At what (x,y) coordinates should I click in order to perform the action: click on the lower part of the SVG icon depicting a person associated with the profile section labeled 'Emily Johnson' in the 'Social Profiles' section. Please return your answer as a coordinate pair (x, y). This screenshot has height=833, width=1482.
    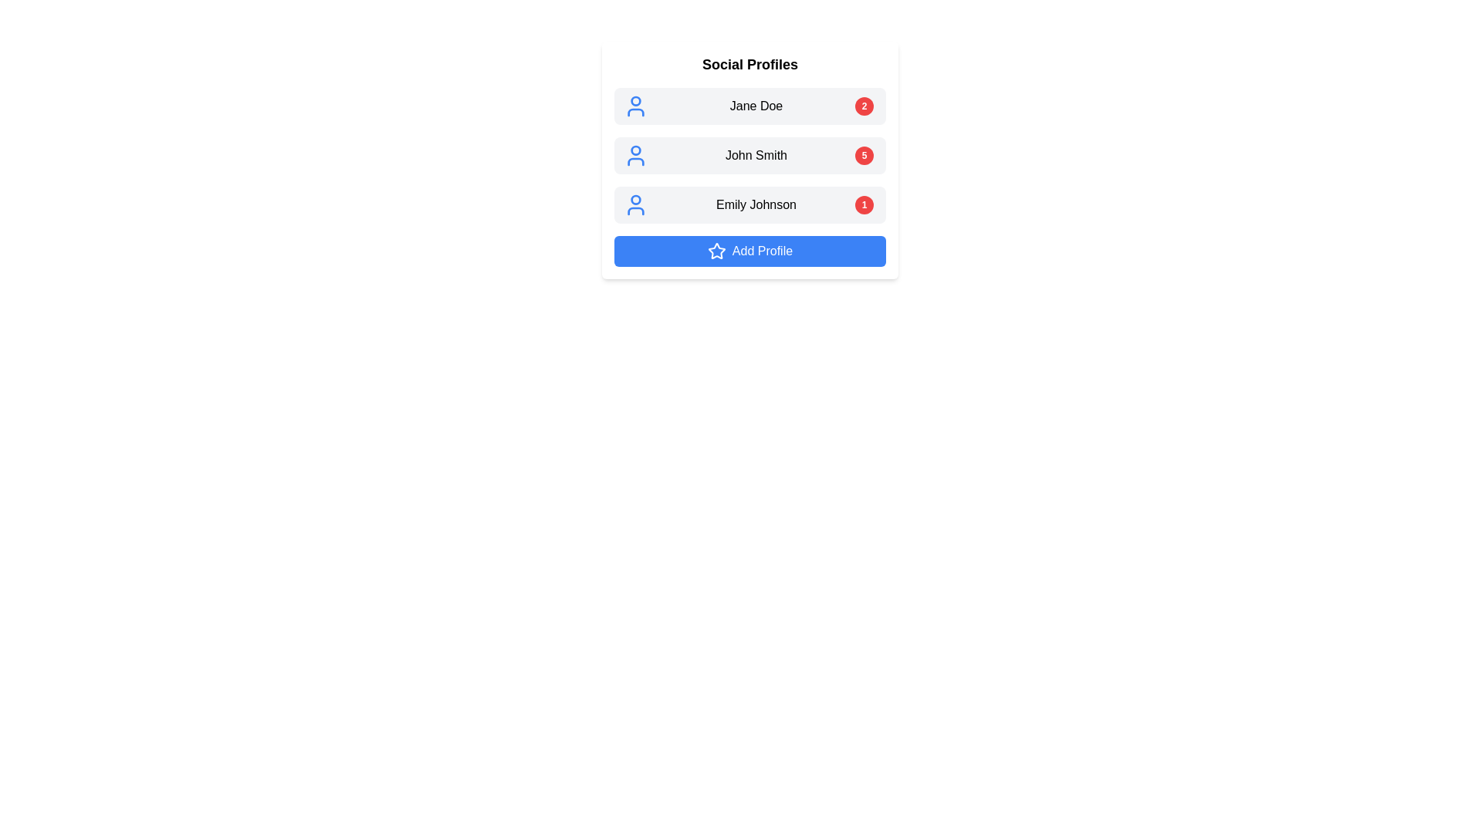
    Looking at the image, I should click on (636, 211).